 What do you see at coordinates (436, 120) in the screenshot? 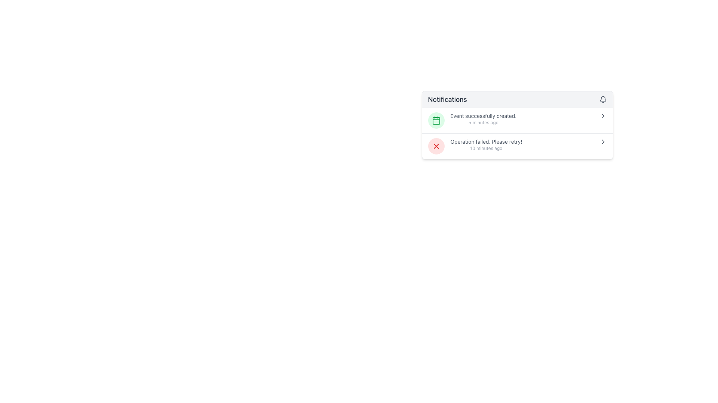
I see `the calendar icon with green edges and a light green circular background, located next to the notification 'Event successfully created. 5 minutes ago.'` at bounding box center [436, 120].